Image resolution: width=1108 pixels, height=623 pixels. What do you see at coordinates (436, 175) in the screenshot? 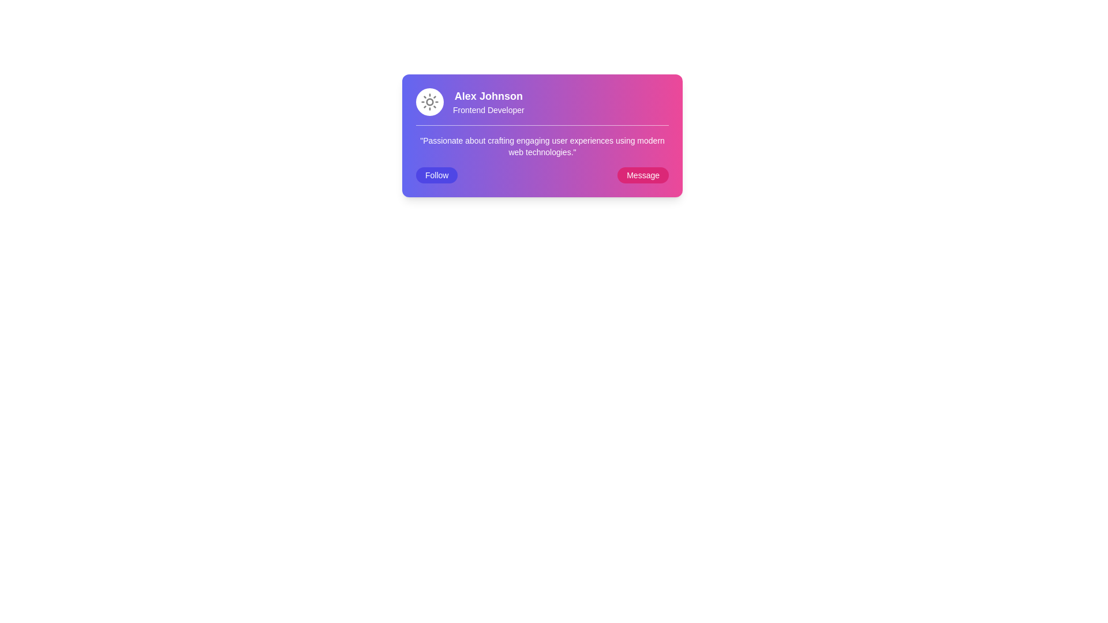
I see `the 'Follow' button located in the bottom-left corner of the card component to follow the associated profile` at bounding box center [436, 175].